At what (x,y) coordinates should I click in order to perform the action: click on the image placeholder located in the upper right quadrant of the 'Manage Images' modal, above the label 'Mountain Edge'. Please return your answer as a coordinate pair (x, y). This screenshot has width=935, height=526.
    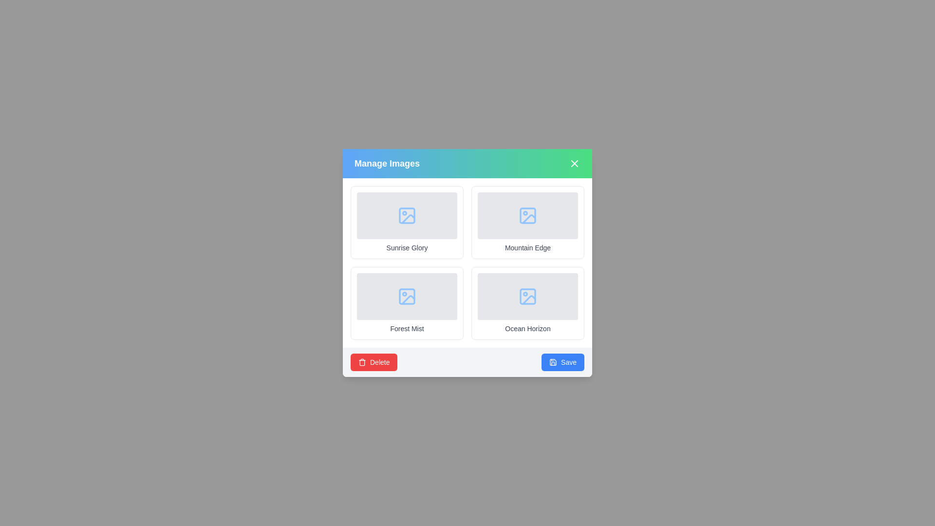
    Looking at the image, I should click on (527, 215).